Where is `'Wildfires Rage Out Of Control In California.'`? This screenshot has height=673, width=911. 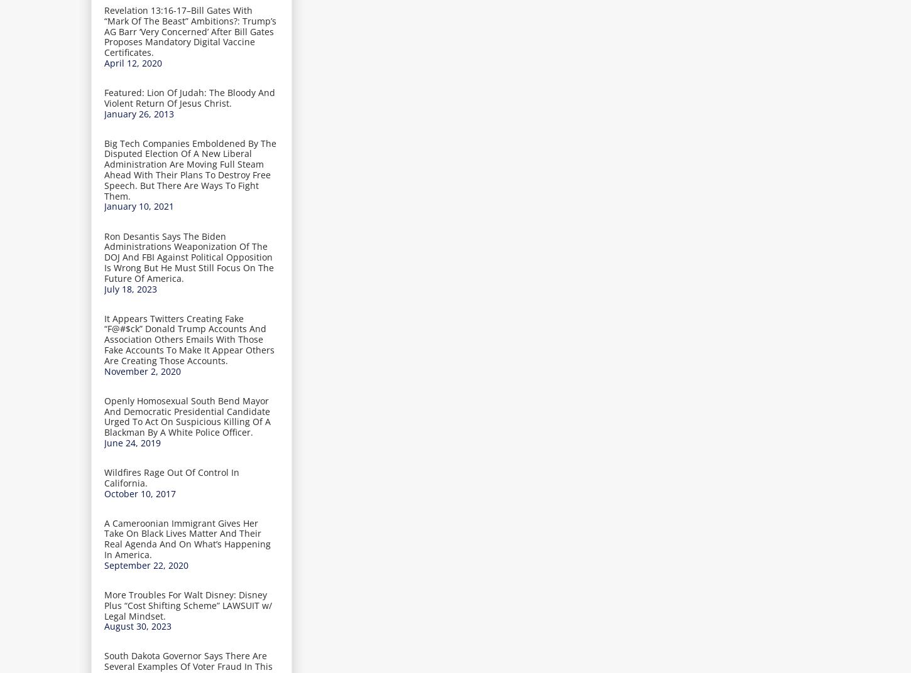
'Wildfires Rage Out Of Control In California.' is located at coordinates (104, 477).